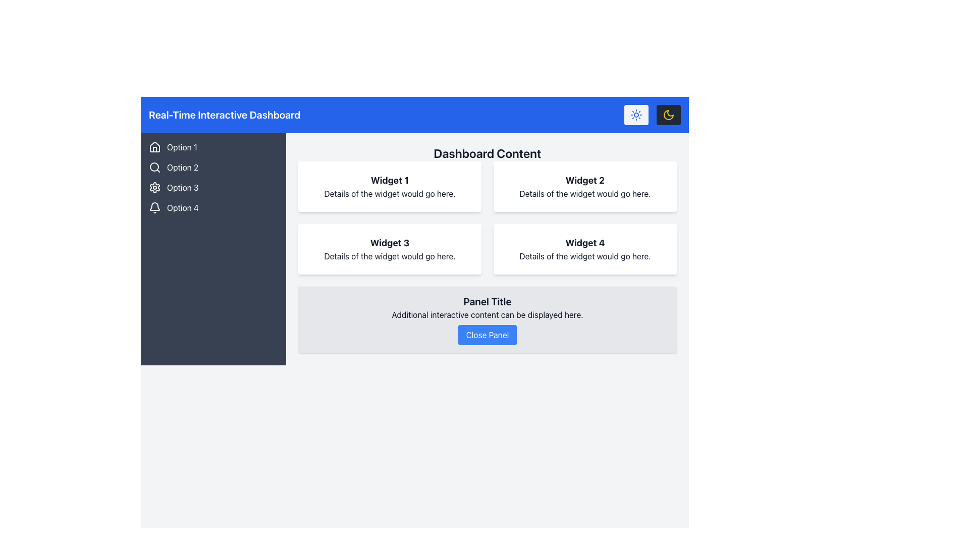  Describe the element at coordinates (585, 194) in the screenshot. I see `text element that displays 'Details of the widget would go here.' positioned centrally below the header 'Widget 2'` at that location.